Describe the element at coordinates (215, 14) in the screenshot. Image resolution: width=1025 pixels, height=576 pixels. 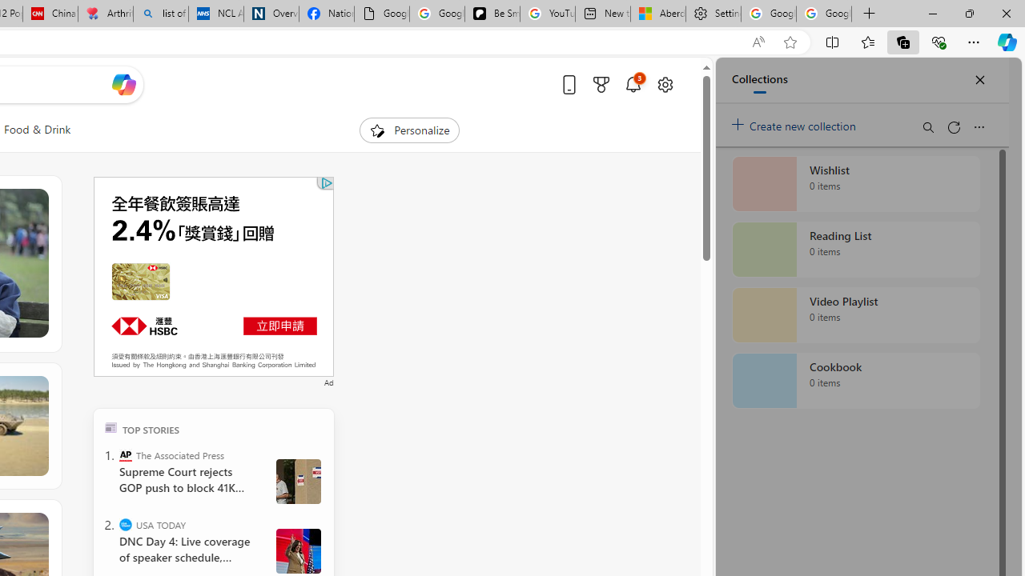
I see `'NCL Adult Asthma Inhaler Choice Guideline'` at that location.